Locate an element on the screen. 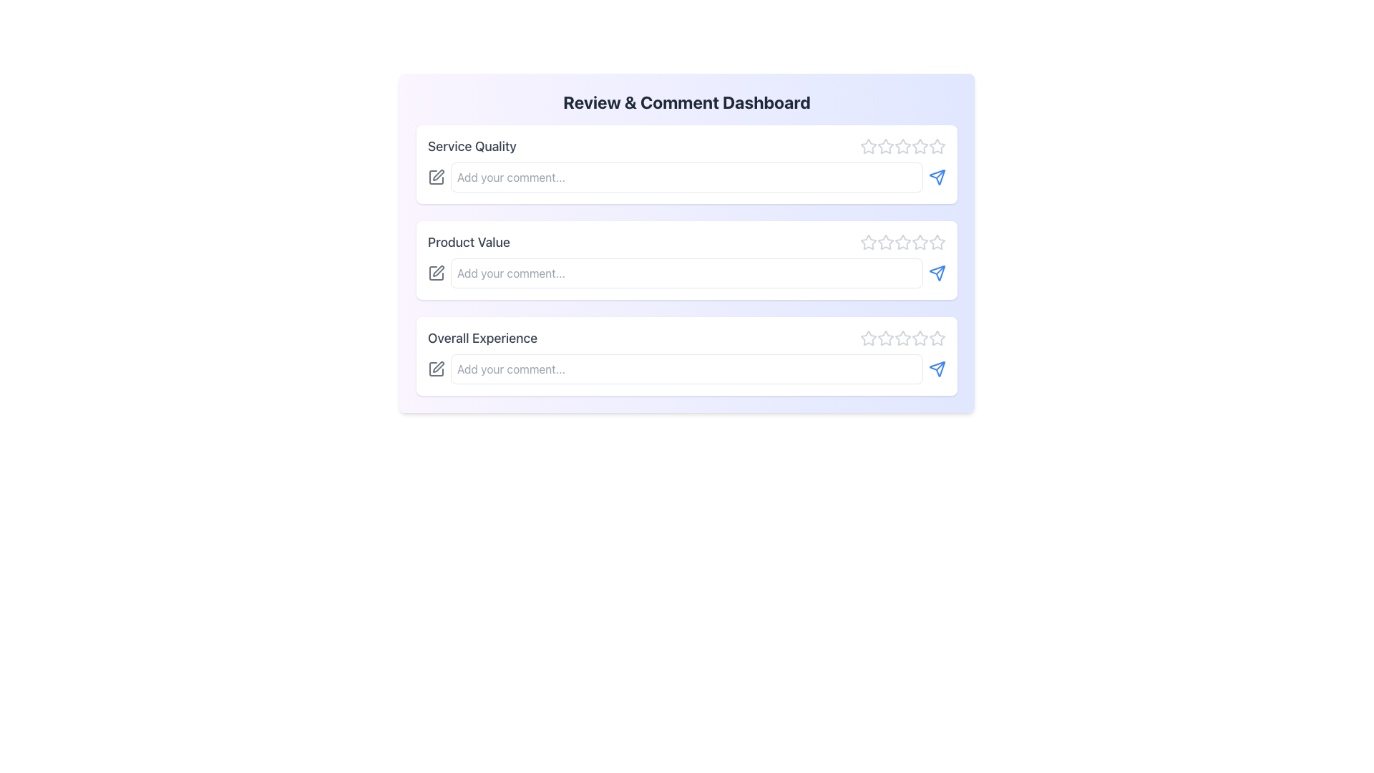 Image resolution: width=1374 pixels, height=773 pixels. the graphic icon symbolizing a pencil overlapped with a square, located adjacent to the 'Service Quality' label, intended for editing or commenting is located at coordinates (438, 175).